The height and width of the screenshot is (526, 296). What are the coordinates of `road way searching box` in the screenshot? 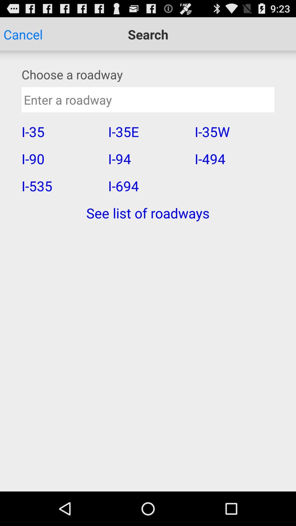 It's located at (148, 100).